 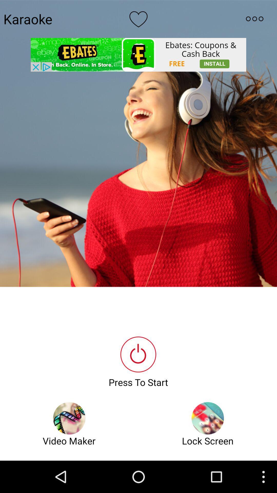 What do you see at coordinates (138, 20) in the screenshot?
I see `the favorite icon` at bounding box center [138, 20].